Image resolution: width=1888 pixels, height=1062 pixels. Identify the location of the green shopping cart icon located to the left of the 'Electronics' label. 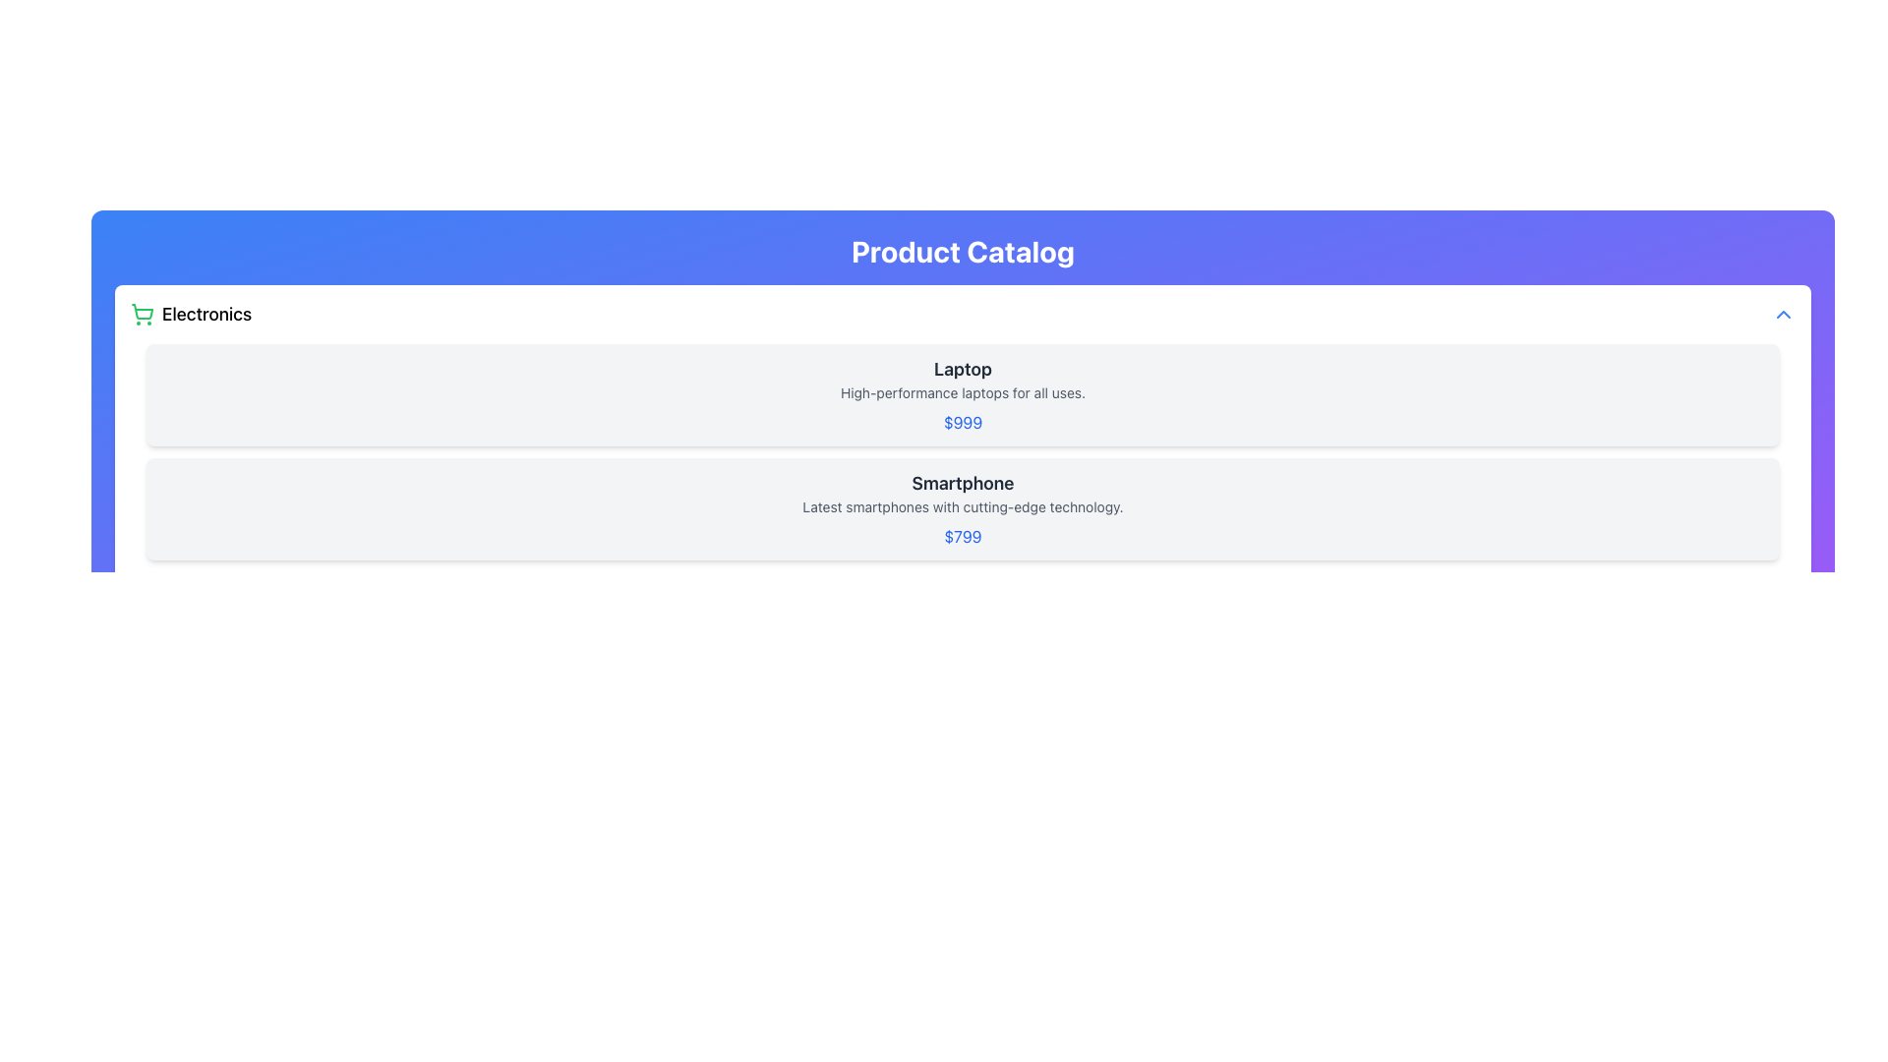
(141, 314).